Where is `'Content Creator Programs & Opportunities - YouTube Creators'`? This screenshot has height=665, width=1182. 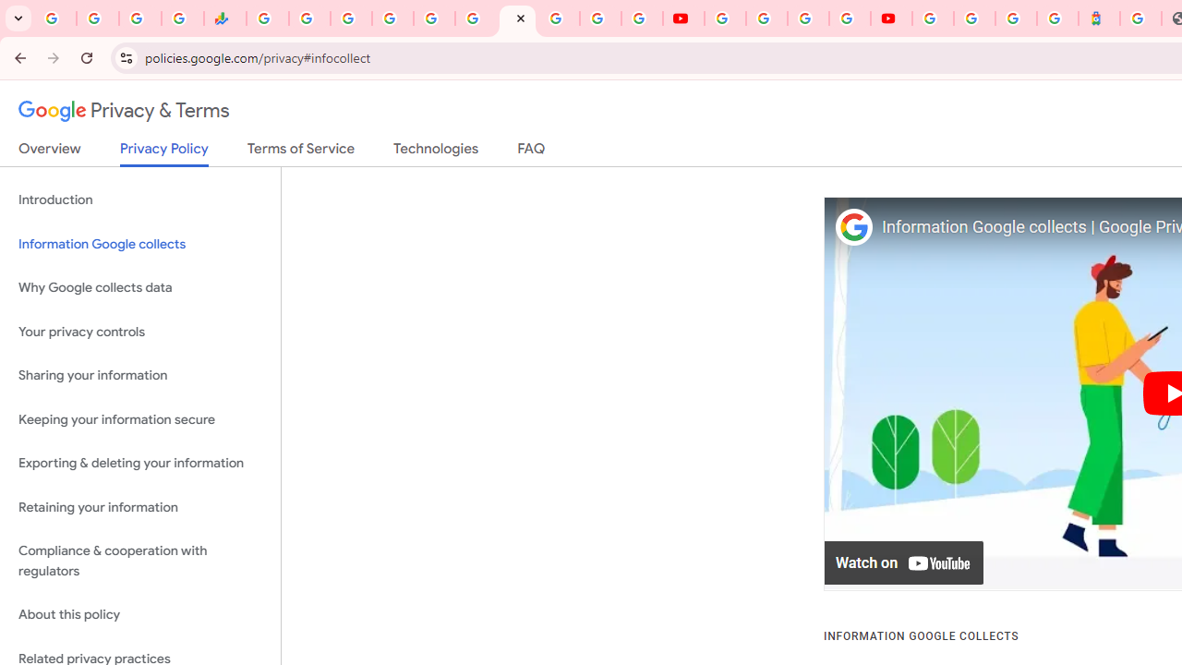
'Content Creator Programs & Opportunities - YouTube Creators' is located at coordinates (891, 18).